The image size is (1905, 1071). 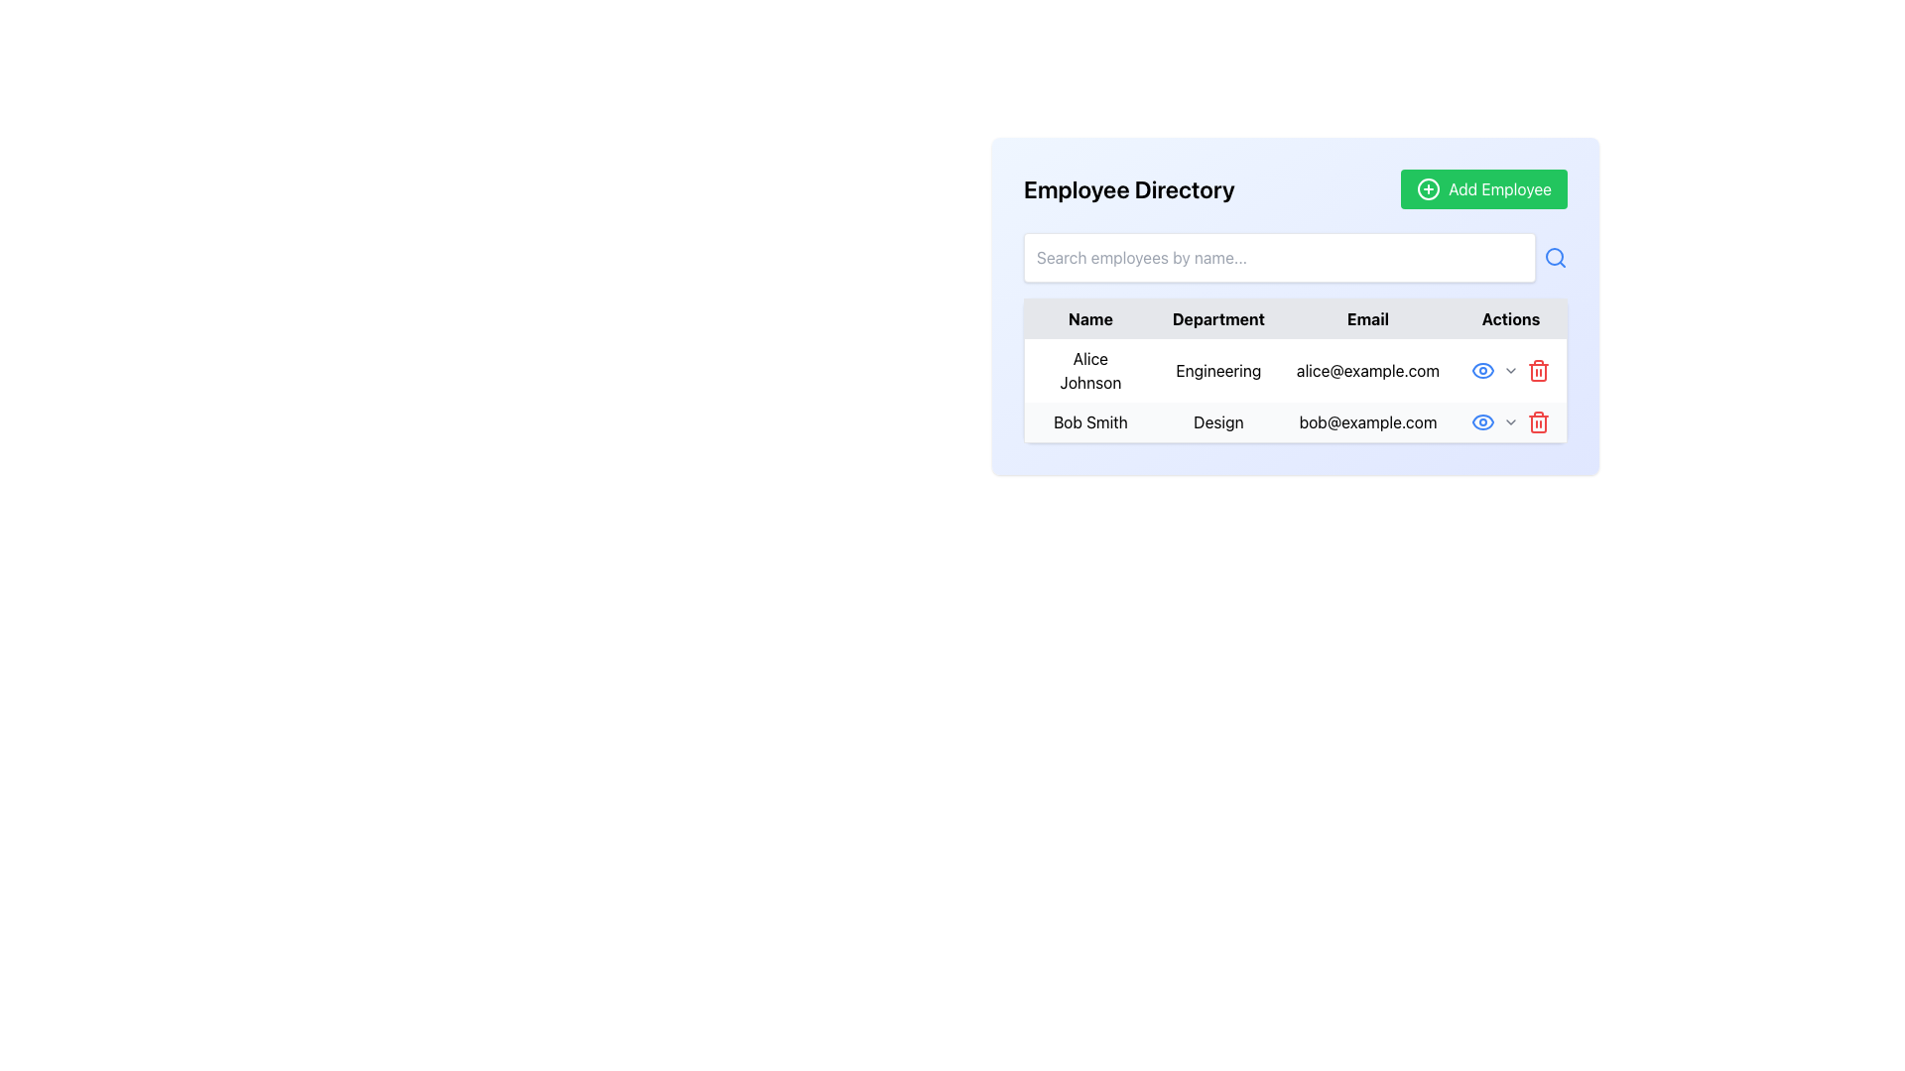 What do you see at coordinates (1217, 371) in the screenshot?
I see `the 'Department' Text Label displaying 'Engineering' for the employee 'Alice Johnson' in the first row of the Employee Directory table` at bounding box center [1217, 371].